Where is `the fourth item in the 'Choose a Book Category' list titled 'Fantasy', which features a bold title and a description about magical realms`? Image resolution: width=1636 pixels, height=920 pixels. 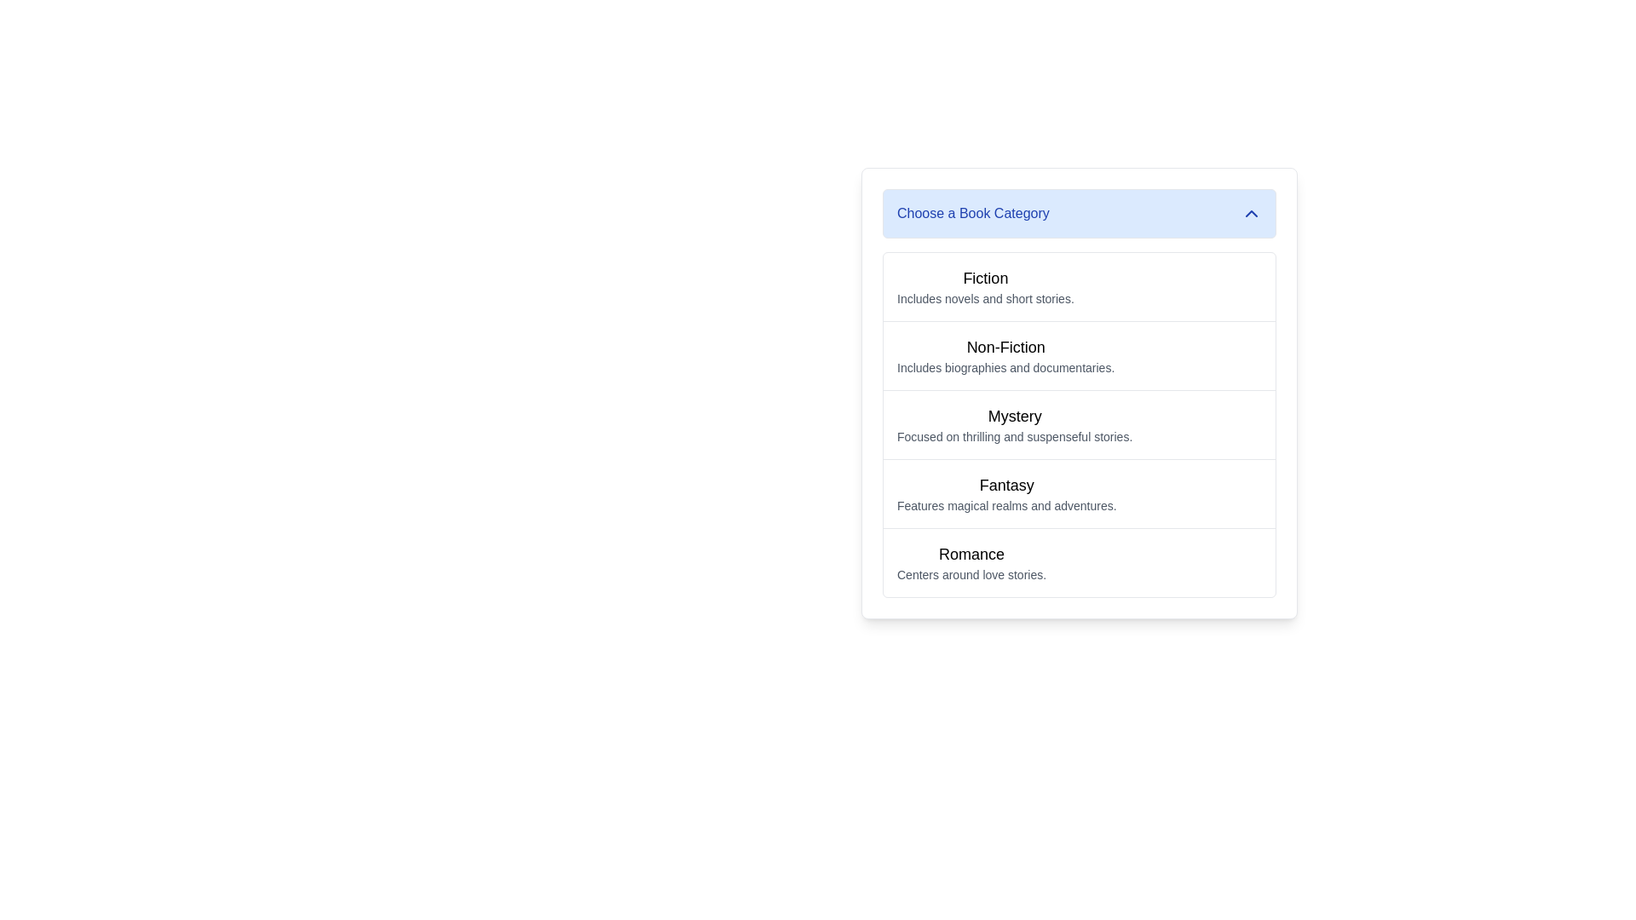 the fourth item in the 'Choose a Book Category' list titled 'Fantasy', which features a bold title and a description about magical realms is located at coordinates (1079, 493).